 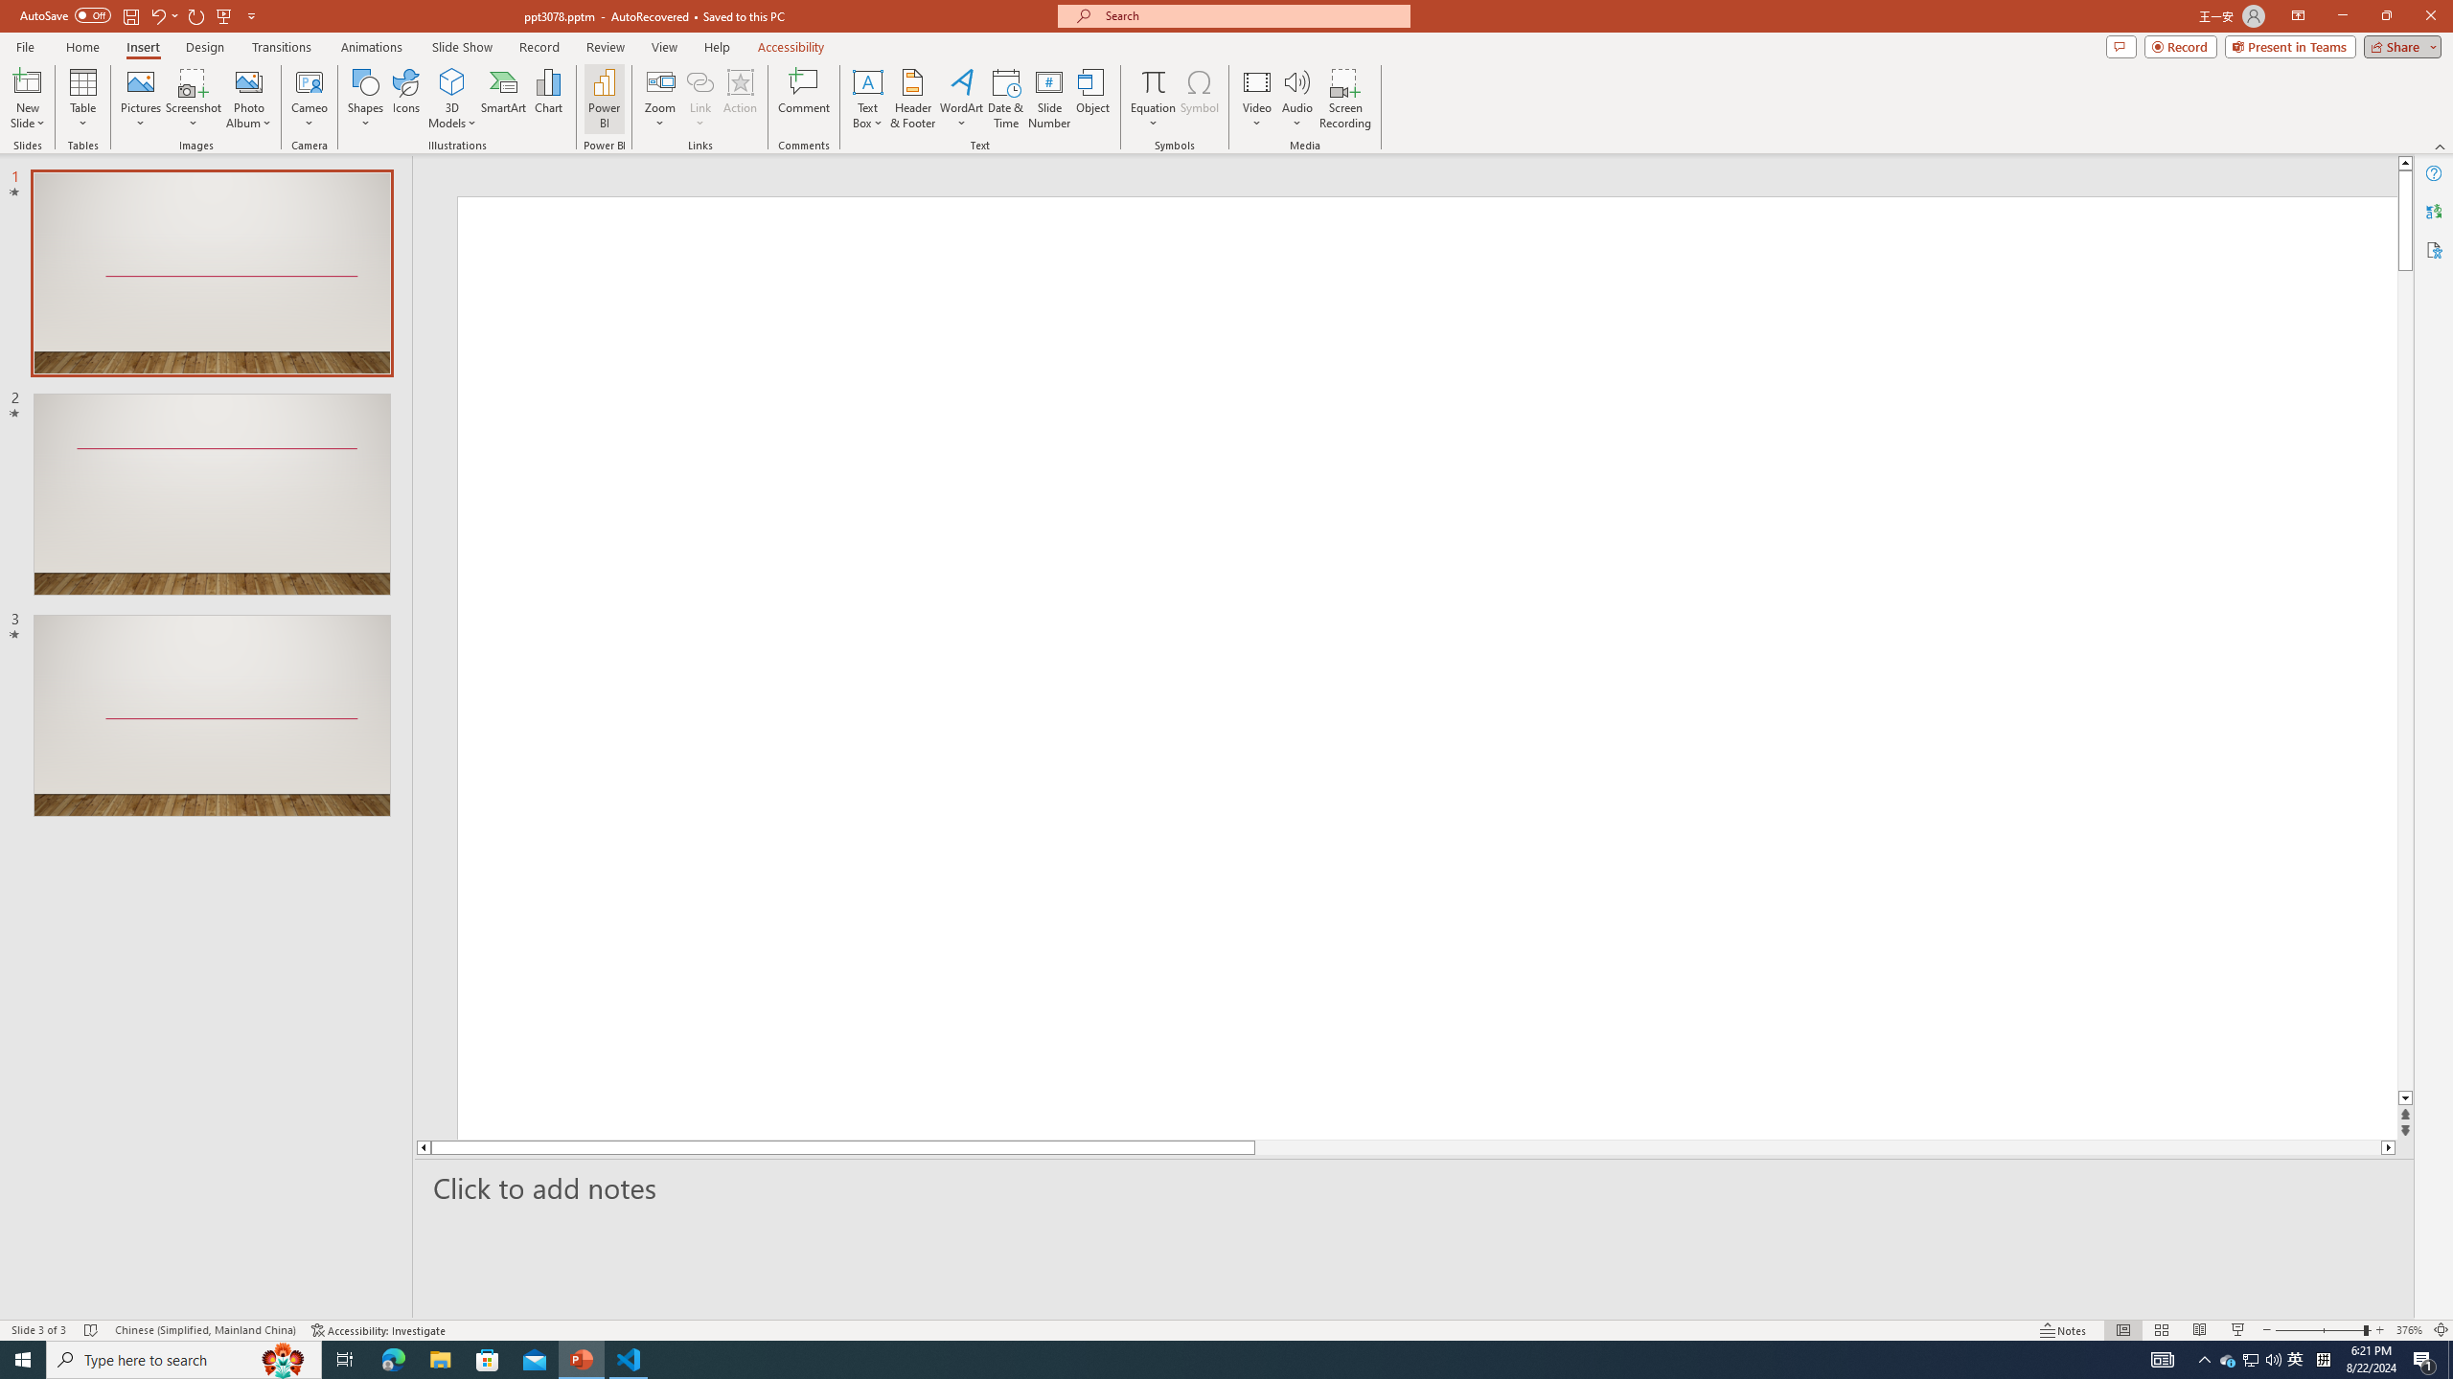 What do you see at coordinates (309, 99) in the screenshot?
I see `'Cameo'` at bounding box center [309, 99].